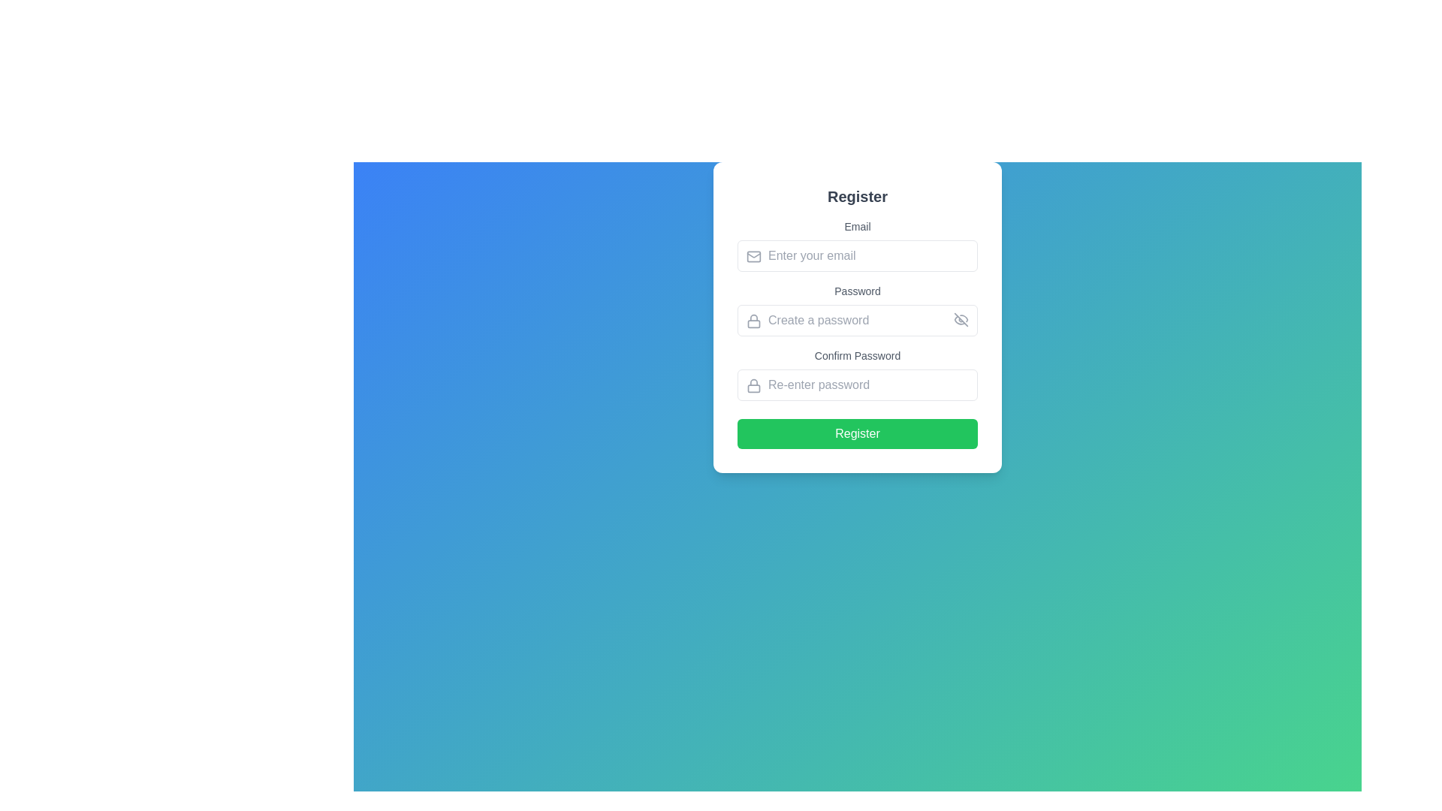 The height and width of the screenshot is (811, 1442). What do you see at coordinates (858, 226) in the screenshot?
I see `the 'Email' text label, which is a gray-colored label aligned to the left and positioned above the email input box` at bounding box center [858, 226].